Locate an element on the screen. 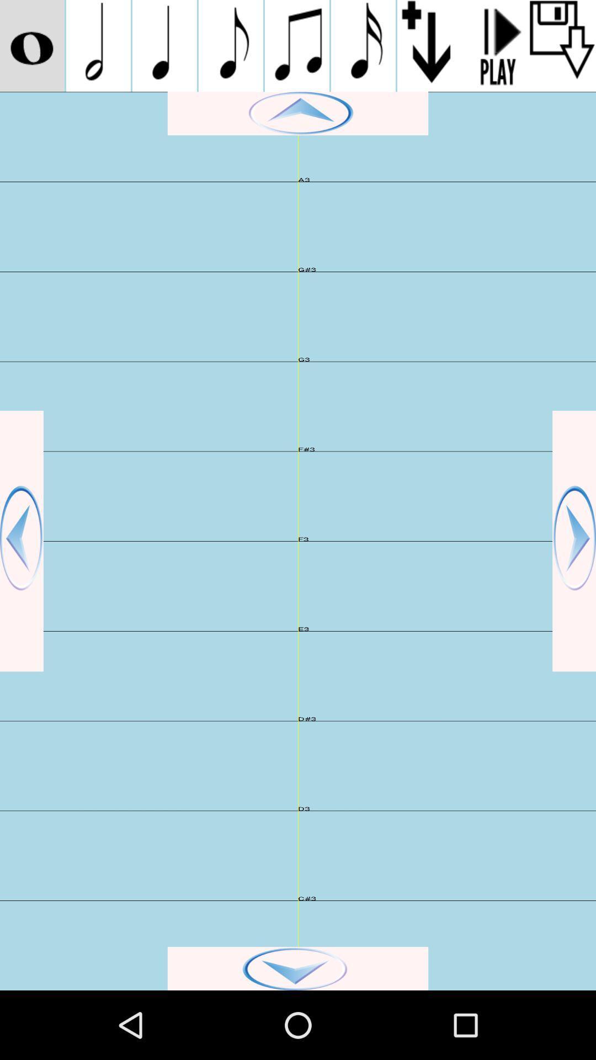  play is located at coordinates (298, 113).